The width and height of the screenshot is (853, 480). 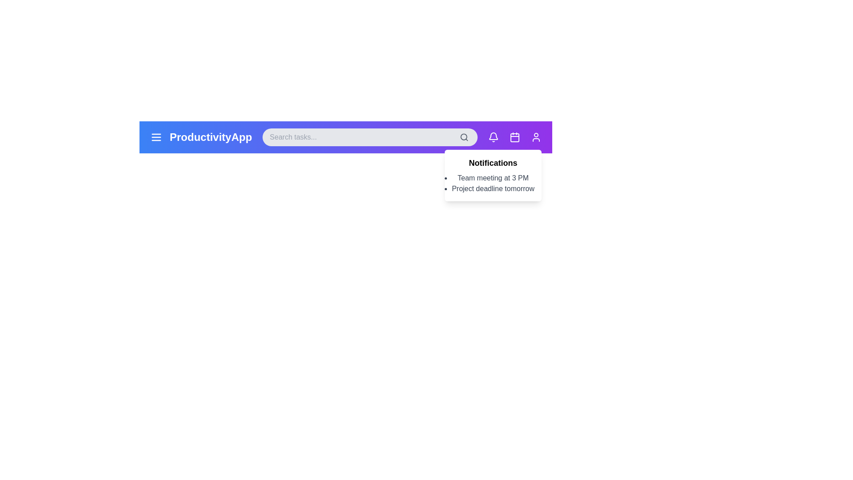 I want to click on the search icon to initiate a search, so click(x=464, y=137).